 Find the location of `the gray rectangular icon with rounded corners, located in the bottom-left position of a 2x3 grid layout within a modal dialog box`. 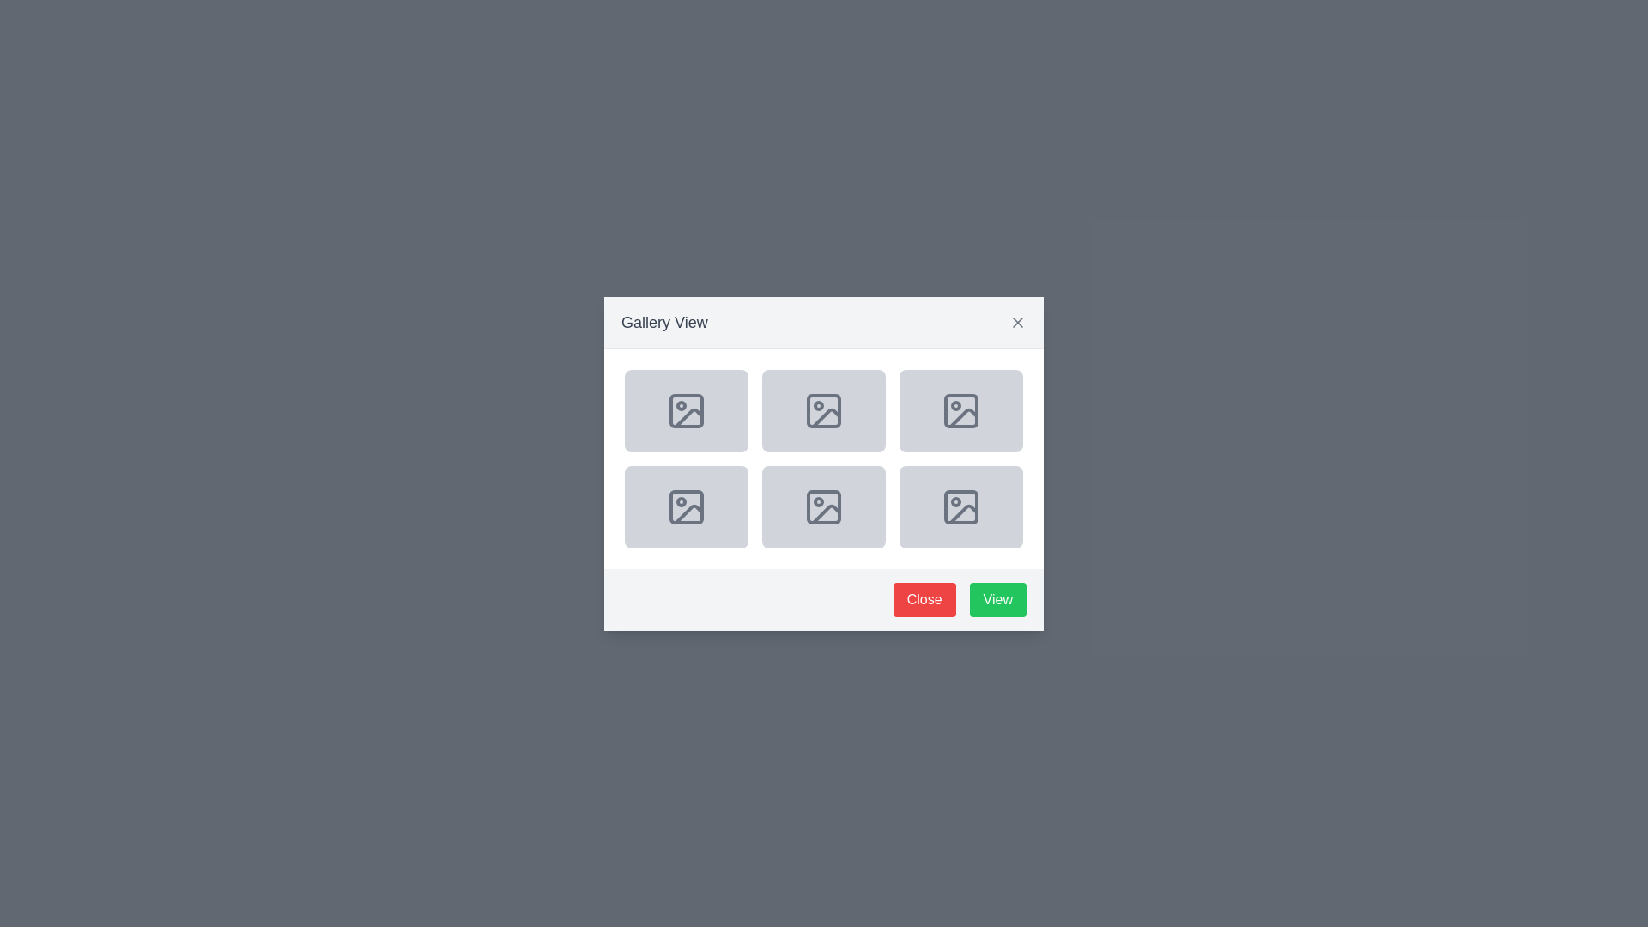

the gray rectangular icon with rounded corners, located in the bottom-left position of a 2x3 grid layout within a modal dialog box is located at coordinates (687, 506).